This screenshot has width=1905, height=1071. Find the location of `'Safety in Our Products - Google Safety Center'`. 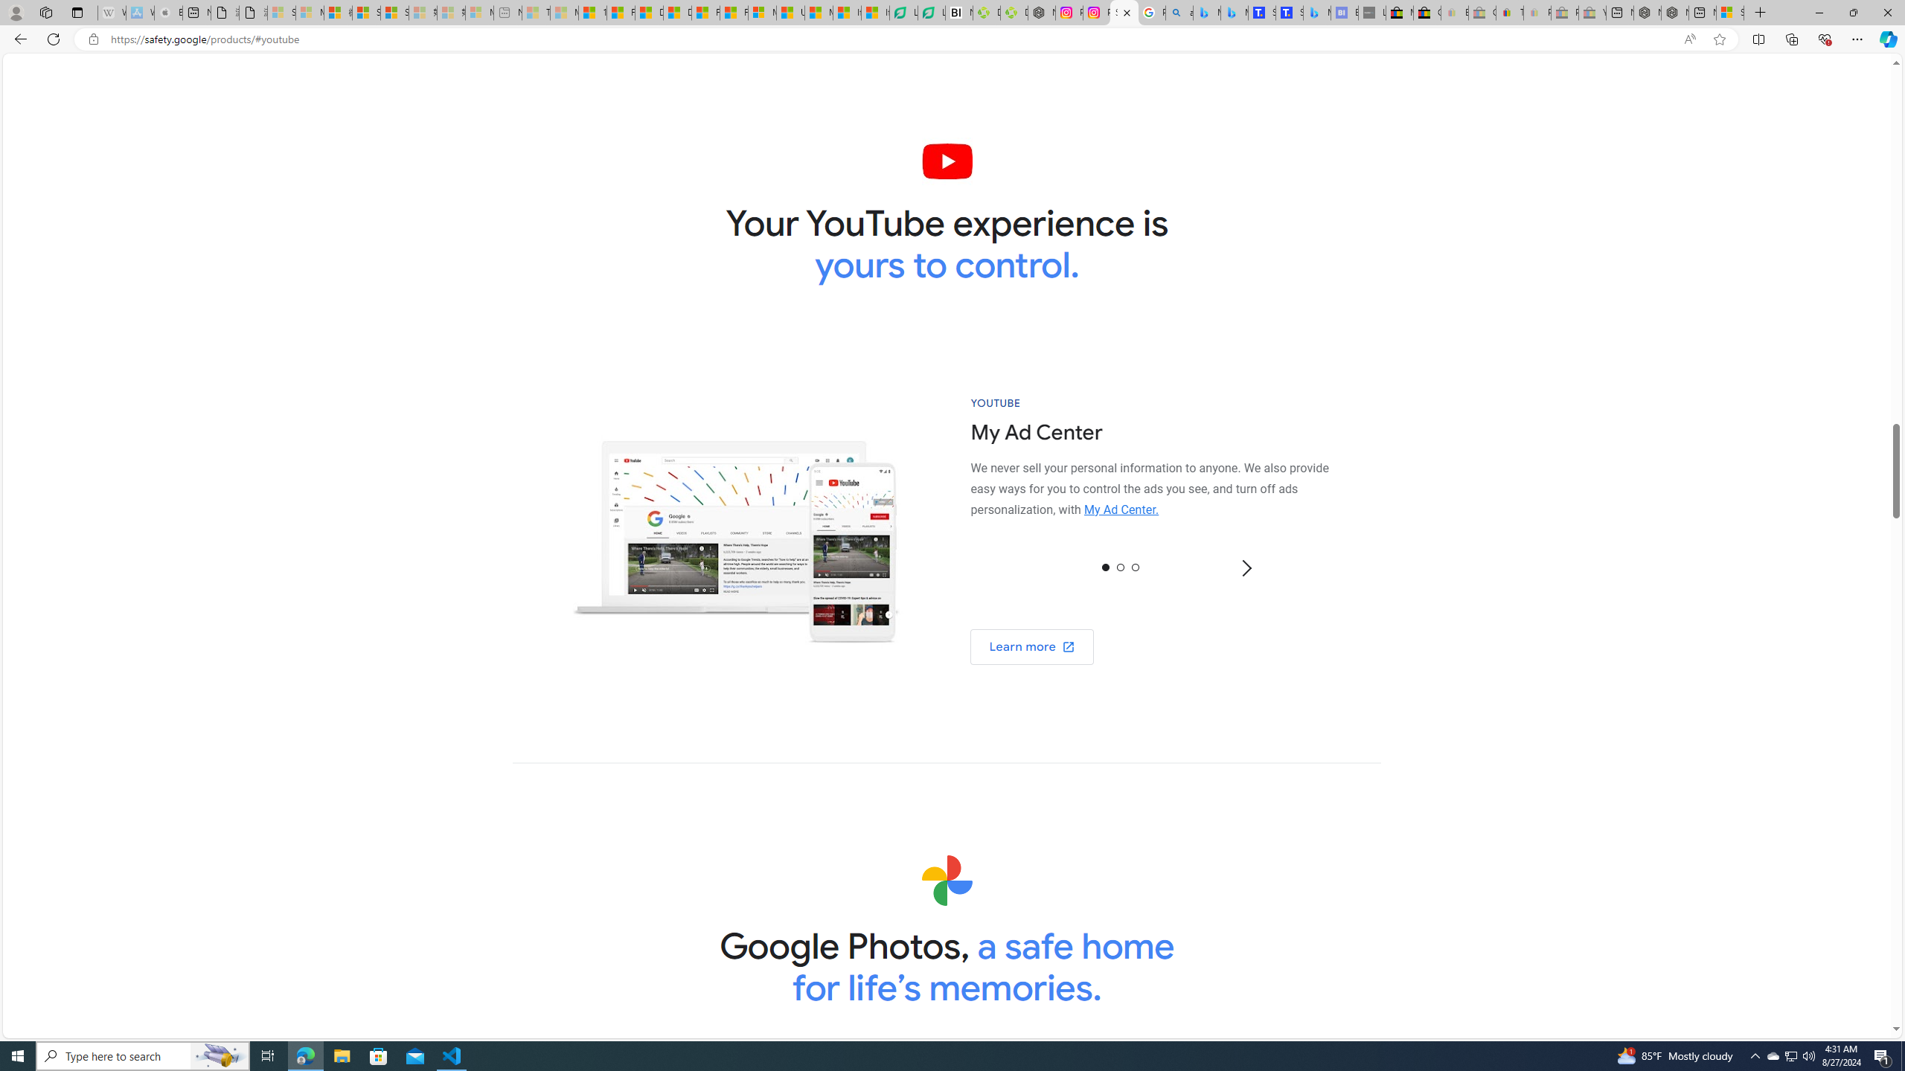

'Safety in Our Products - Google Safety Center' is located at coordinates (1124, 12).